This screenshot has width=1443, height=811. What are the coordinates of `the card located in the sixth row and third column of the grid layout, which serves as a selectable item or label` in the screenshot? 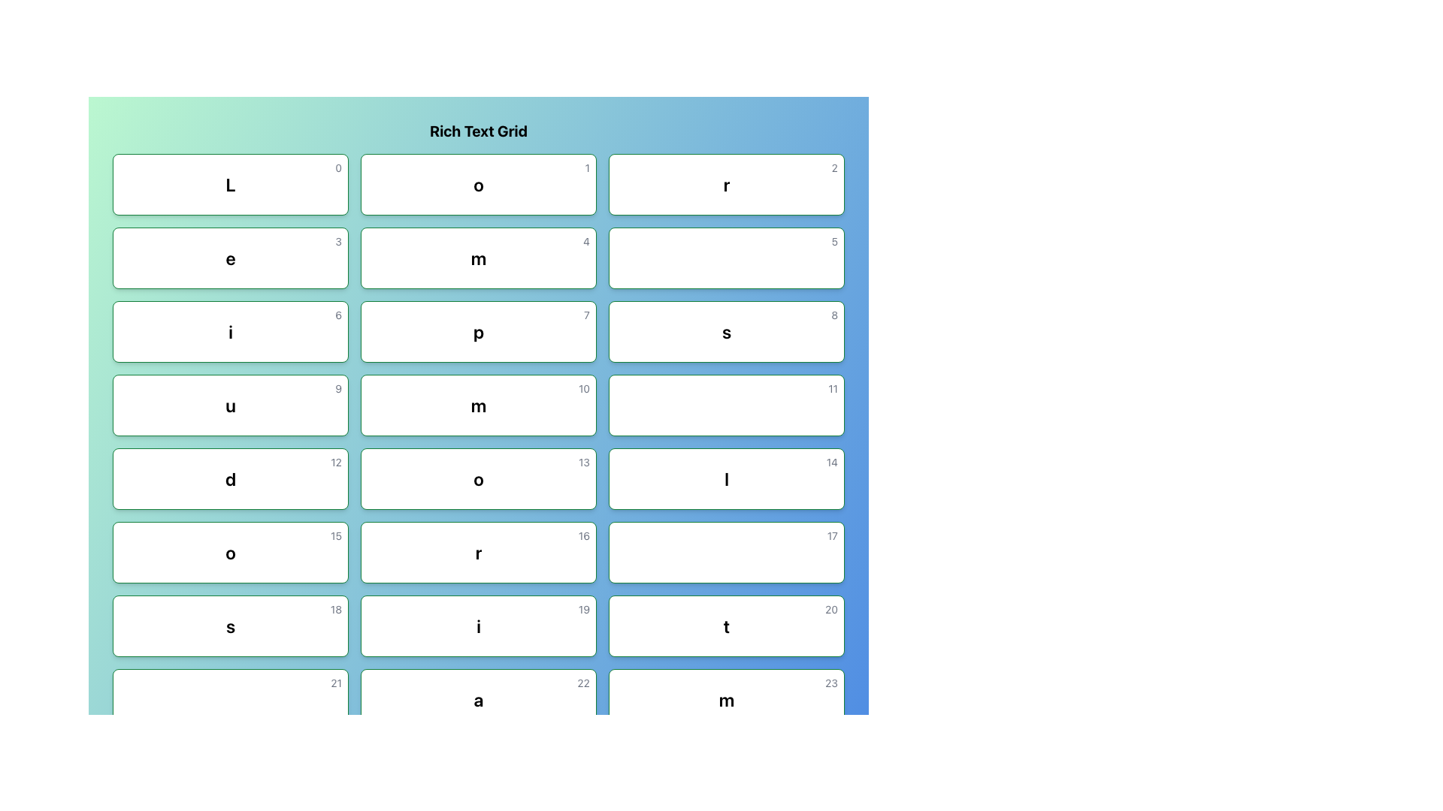 It's located at (478, 553).